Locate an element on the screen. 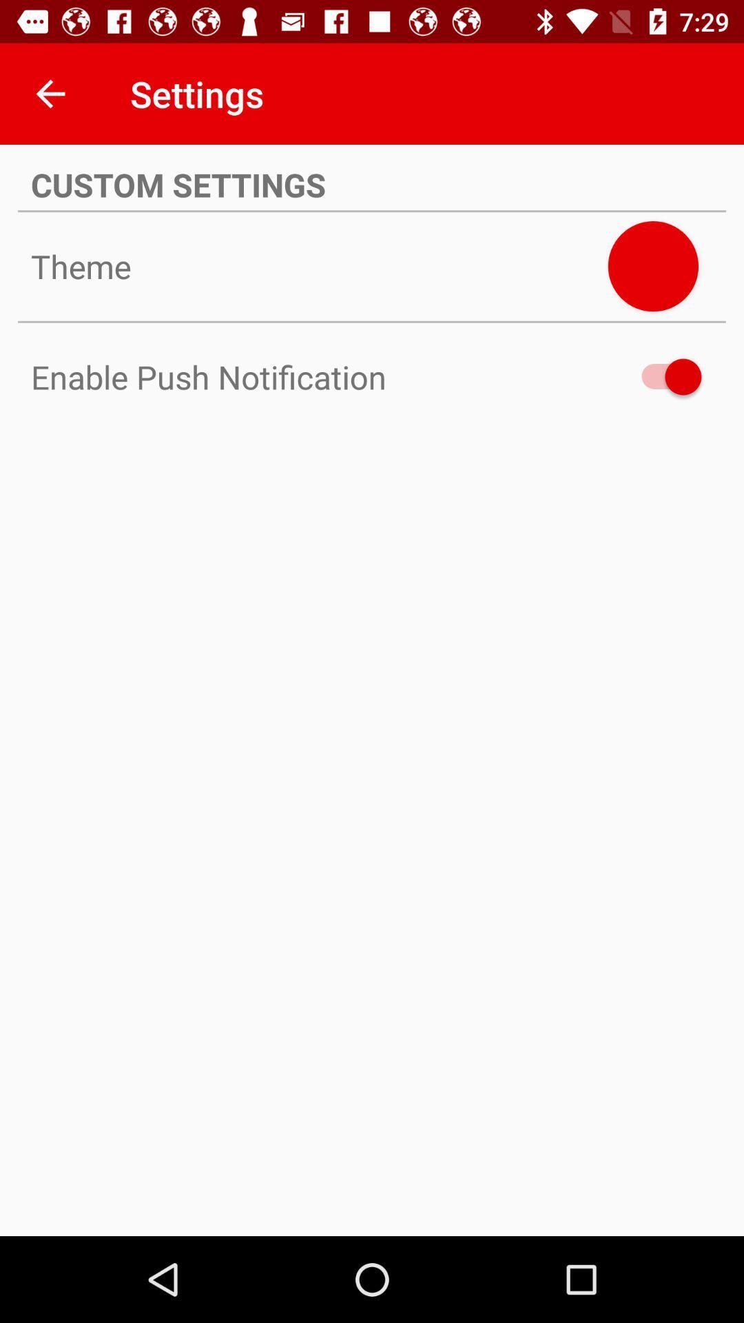 This screenshot has width=744, height=1323. icon to the right of the theme is located at coordinates (652, 266).